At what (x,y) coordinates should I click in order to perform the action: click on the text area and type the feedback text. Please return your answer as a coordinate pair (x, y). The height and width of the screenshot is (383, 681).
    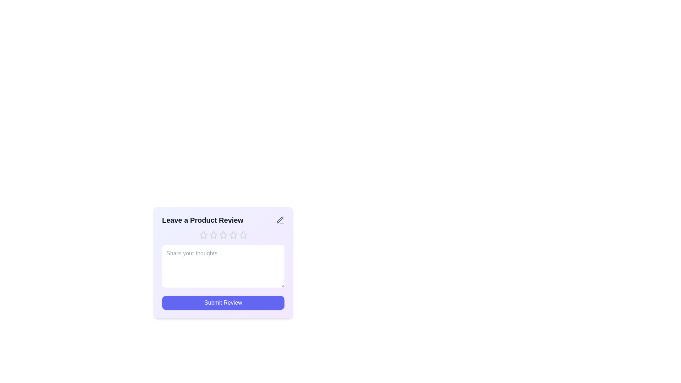
    Looking at the image, I should click on (223, 266).